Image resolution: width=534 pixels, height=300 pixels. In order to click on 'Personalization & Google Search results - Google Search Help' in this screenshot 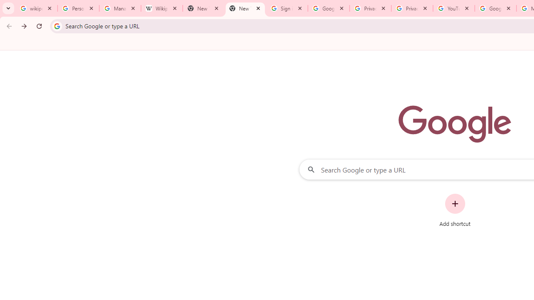, I will do `click(78, 8)`.